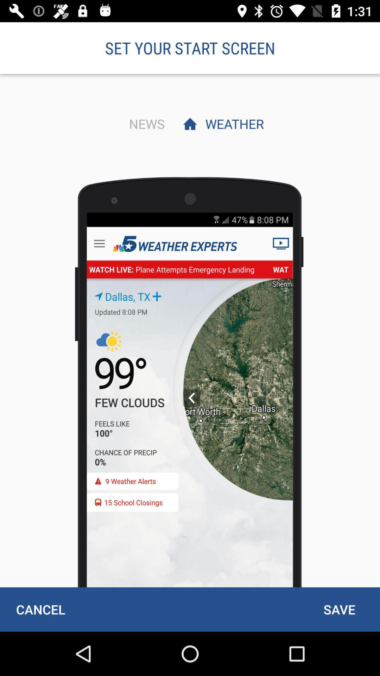 This screenshot has height=676, width=380. Describe the element at coordinates (190, 48) in the screenshot. I see `icon above the news icon` at that location.